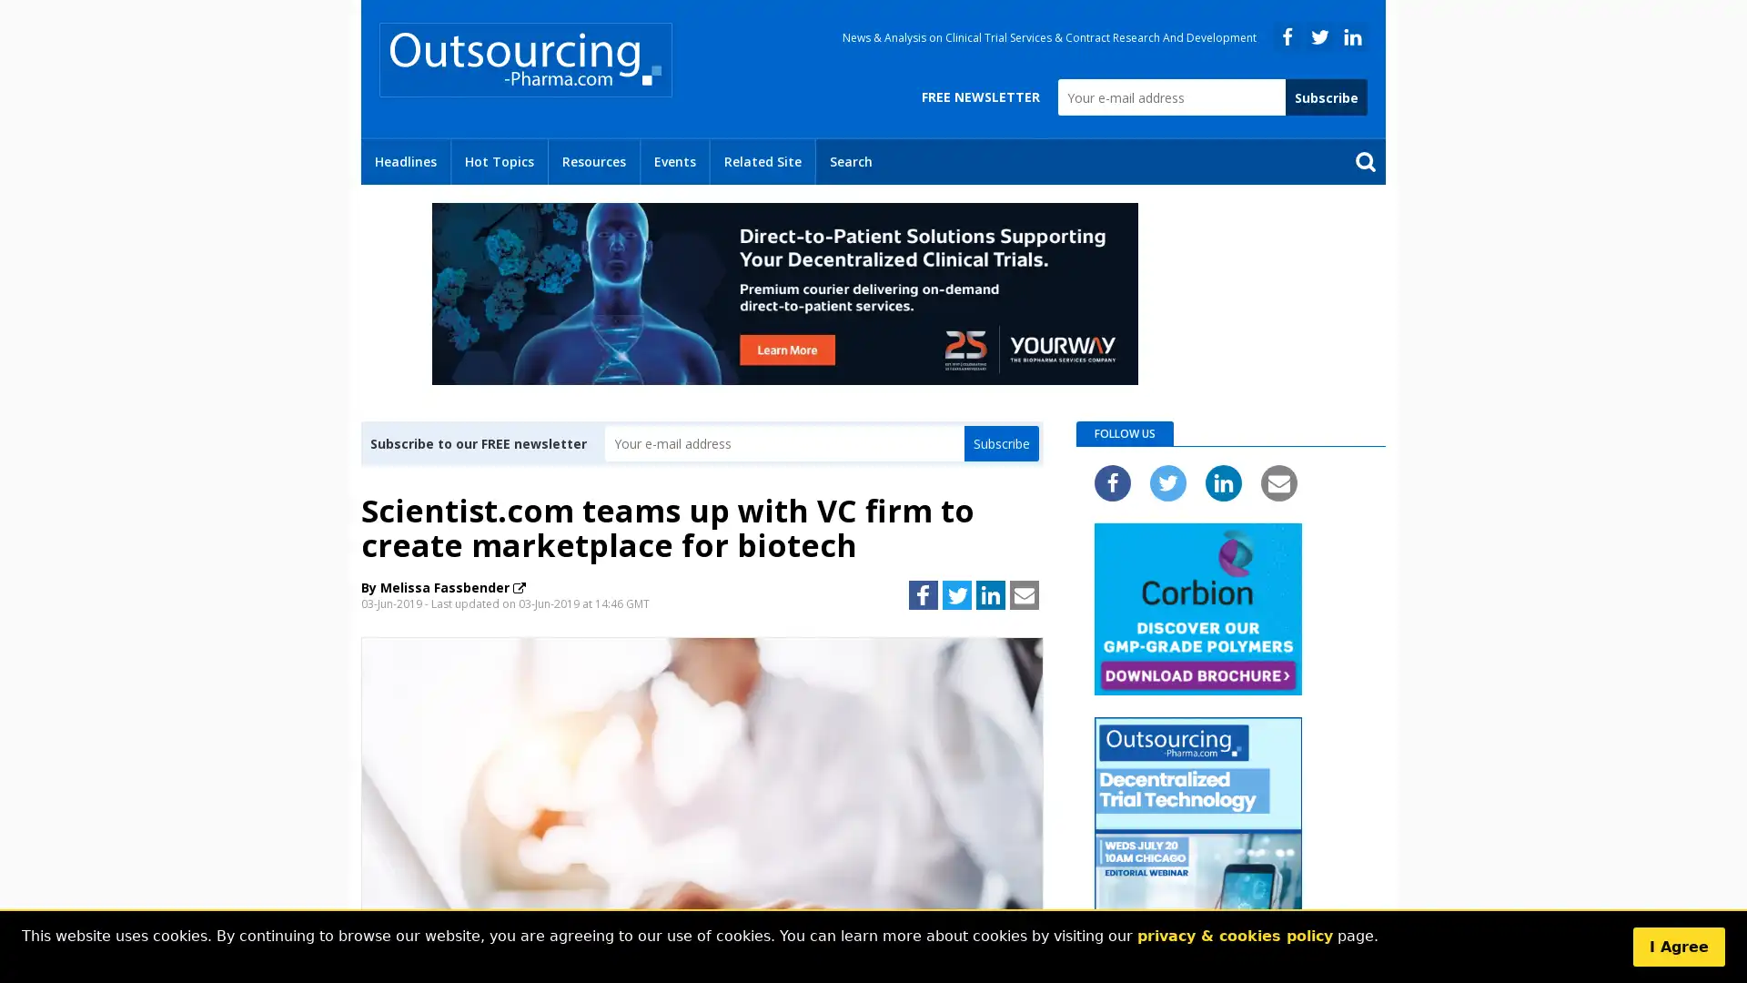 This screenshot has width=1747, height=983. I want to click on Send, so click(1366, 160).